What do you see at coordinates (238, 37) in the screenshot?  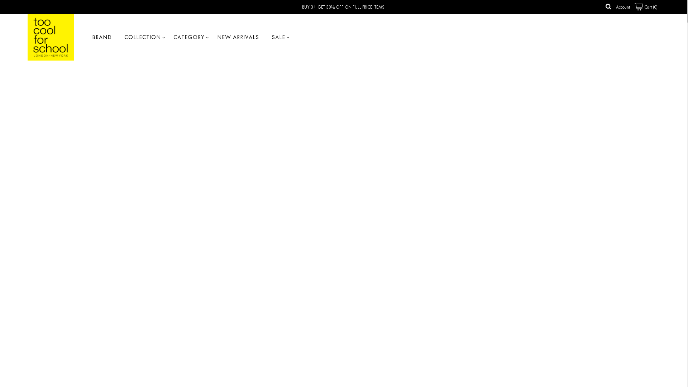 I see `'NEW ARRIVALS'` at bounding box center [238, 37].